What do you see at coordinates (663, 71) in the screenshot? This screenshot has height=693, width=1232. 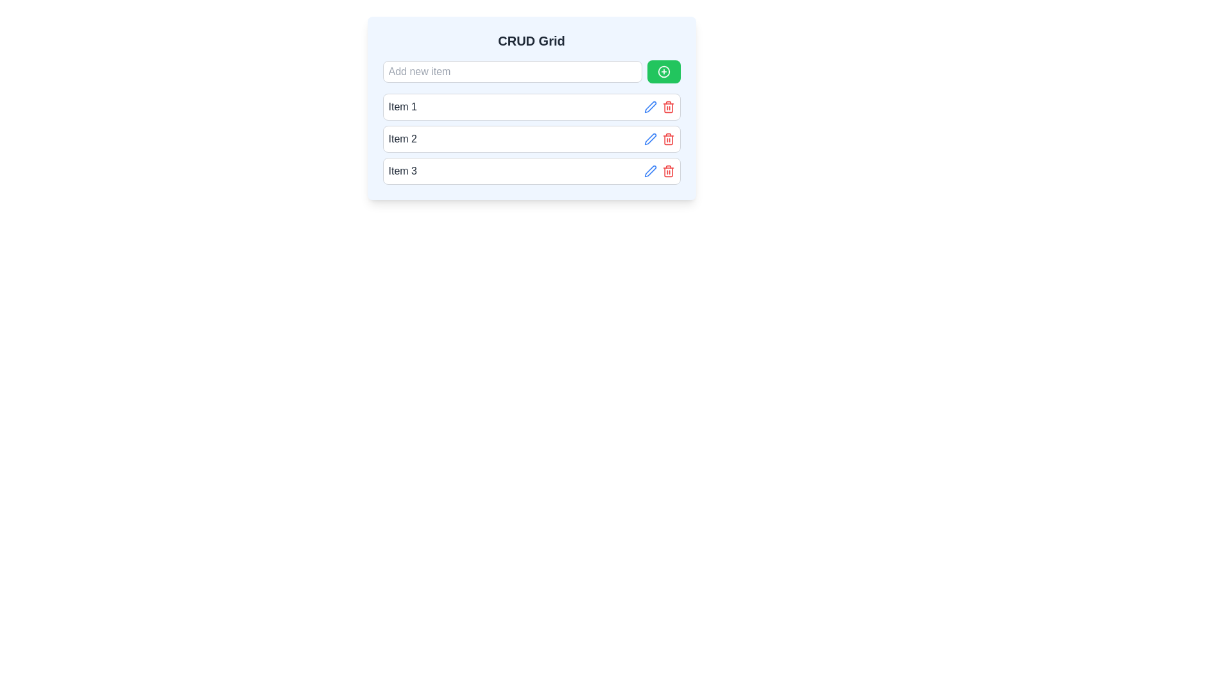 I see `the SVG circle graphic that forms the circular boundary of the icon, located near the top-right corner of the 'CRUD Grid' interface, adjacent to a search bar` at bounding box center [663, 71].